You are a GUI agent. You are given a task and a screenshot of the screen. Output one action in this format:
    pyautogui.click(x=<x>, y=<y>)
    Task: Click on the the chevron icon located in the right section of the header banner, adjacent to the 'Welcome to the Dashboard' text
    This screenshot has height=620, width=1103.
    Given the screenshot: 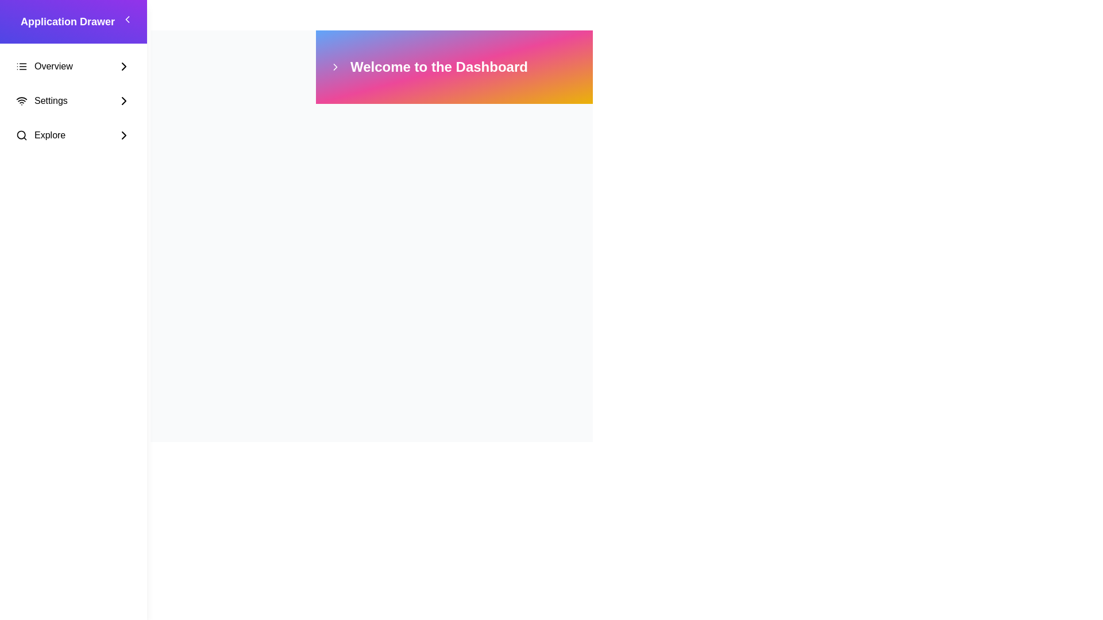 What is the action you would take?
    pyautogui.click(x=335, y=67)
    